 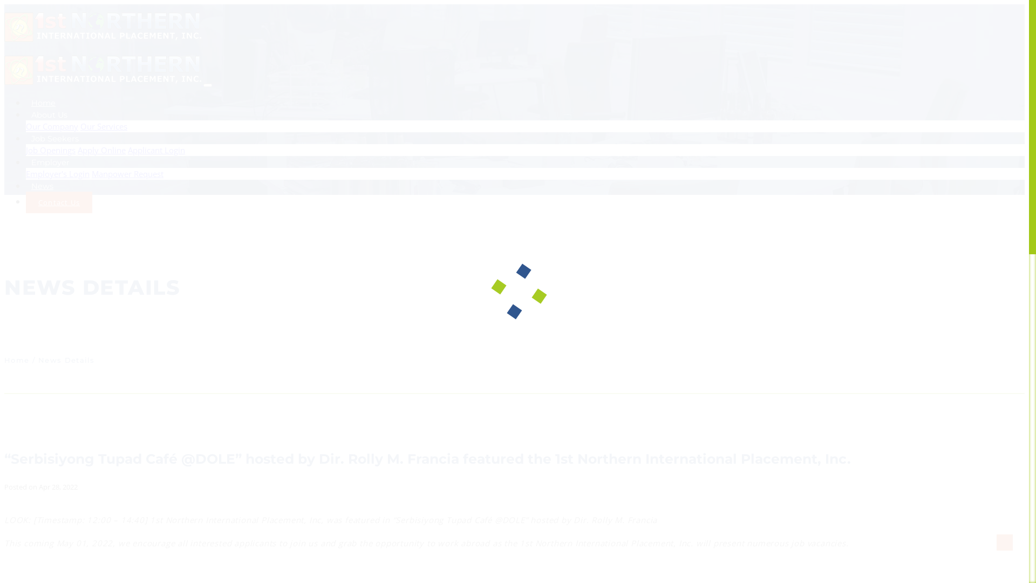 What do you see at coordinates (50, 162) in the screenshot?
I see `'Employer'` at bounding box center [50, 162].